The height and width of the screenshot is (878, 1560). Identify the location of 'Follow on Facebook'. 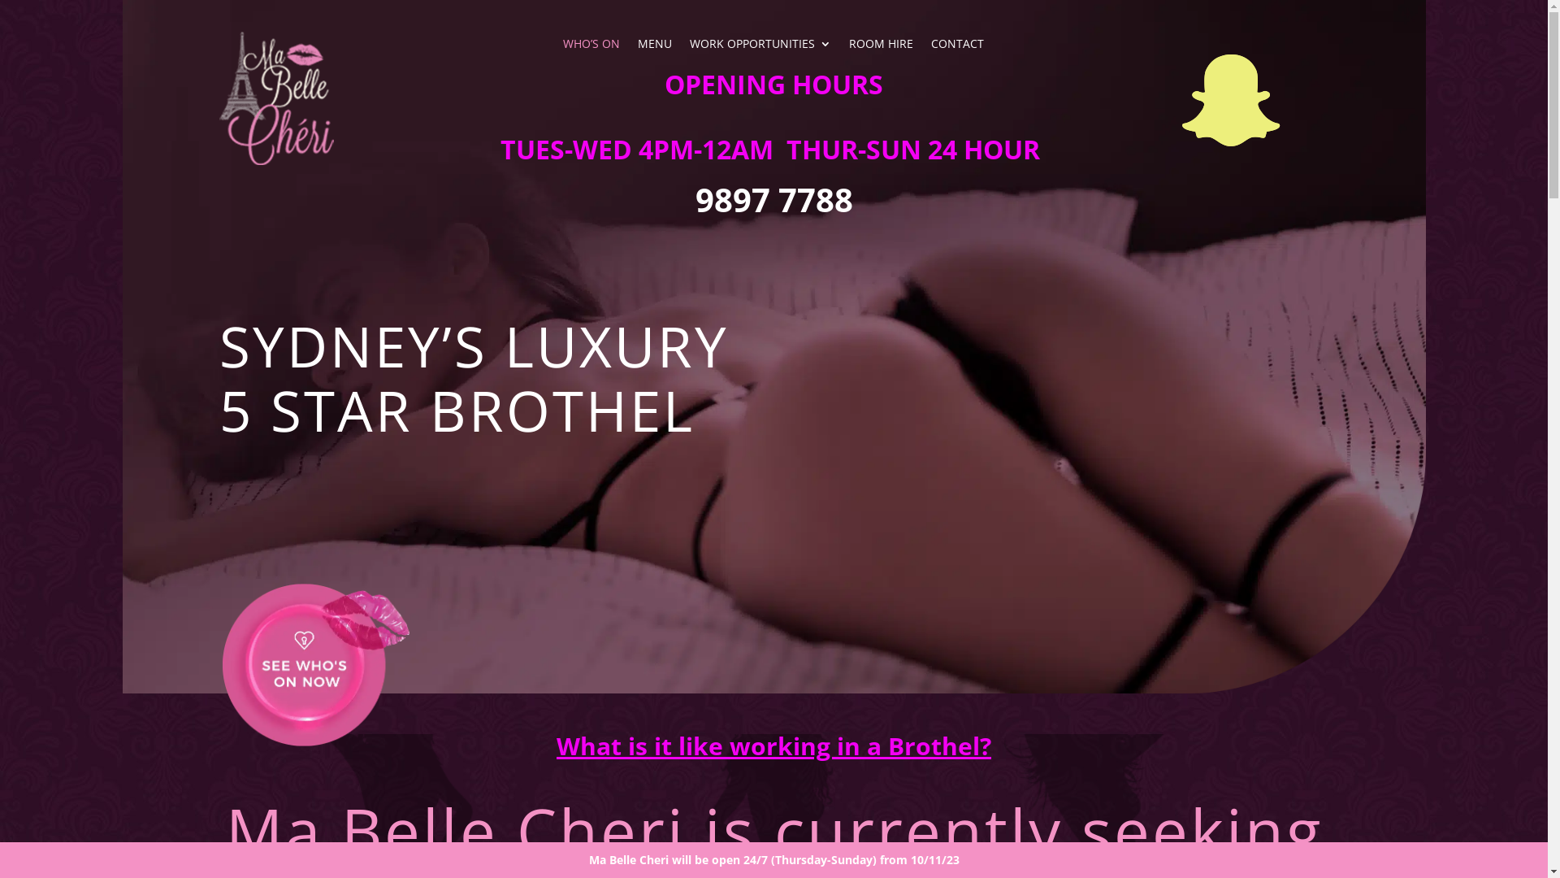
(1231, 100).